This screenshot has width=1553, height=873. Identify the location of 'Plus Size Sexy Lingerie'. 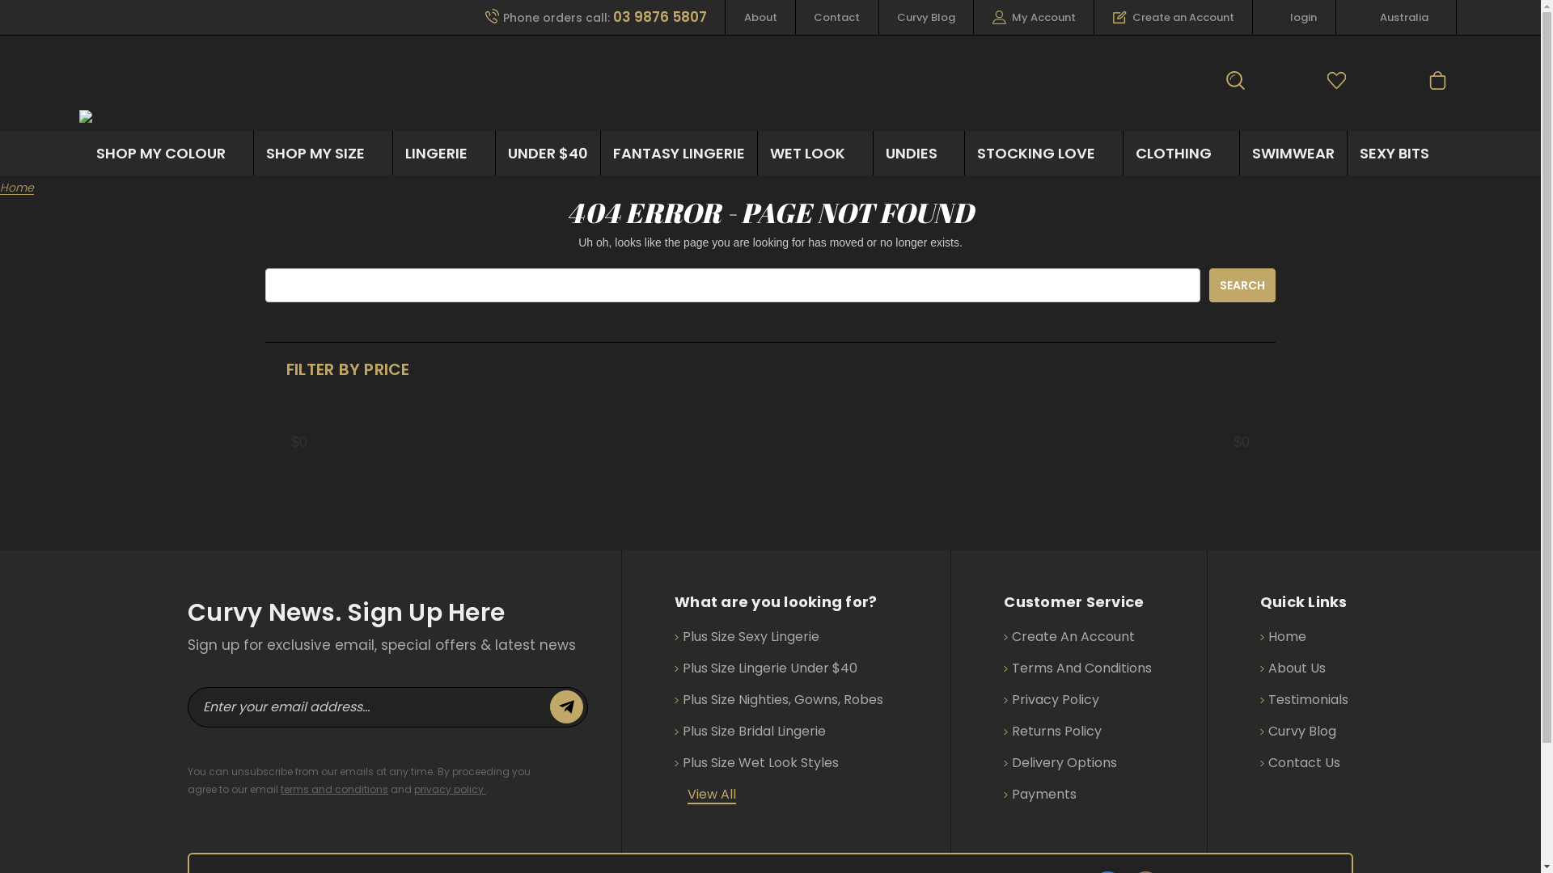
(675, 635).